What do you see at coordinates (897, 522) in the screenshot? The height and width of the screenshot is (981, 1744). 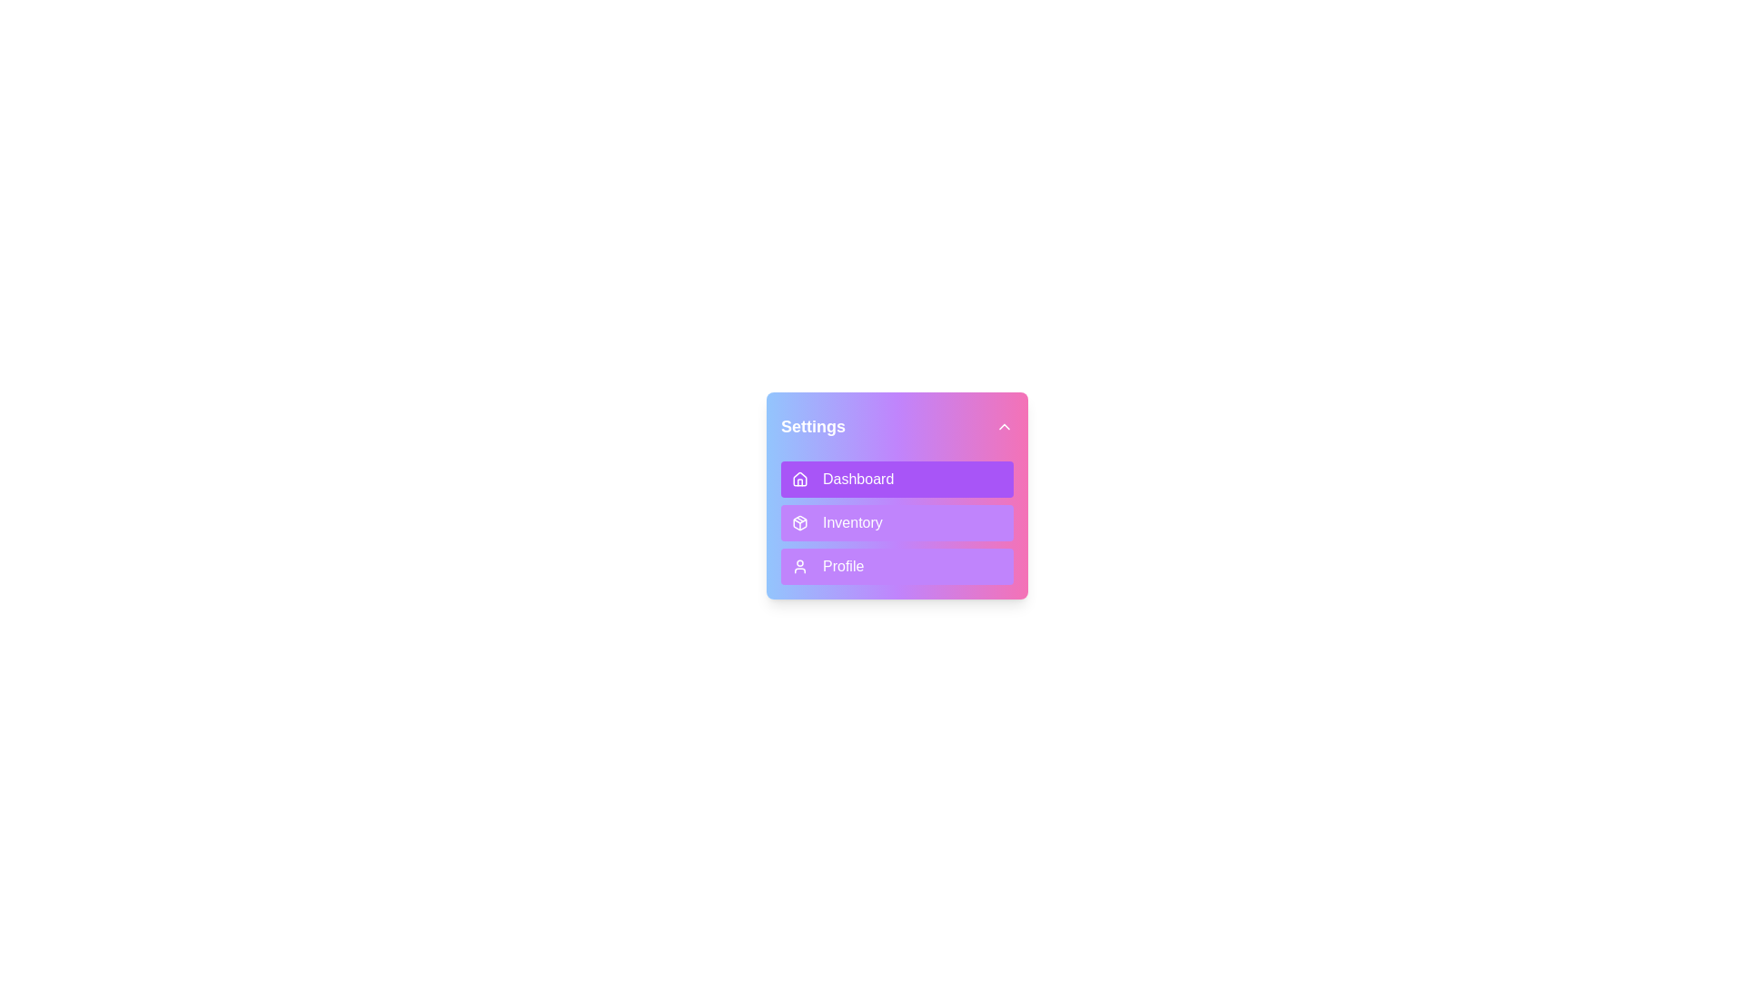 I see `the menu item Inventory in the sidebar menu` at bounding box center [897, 522].